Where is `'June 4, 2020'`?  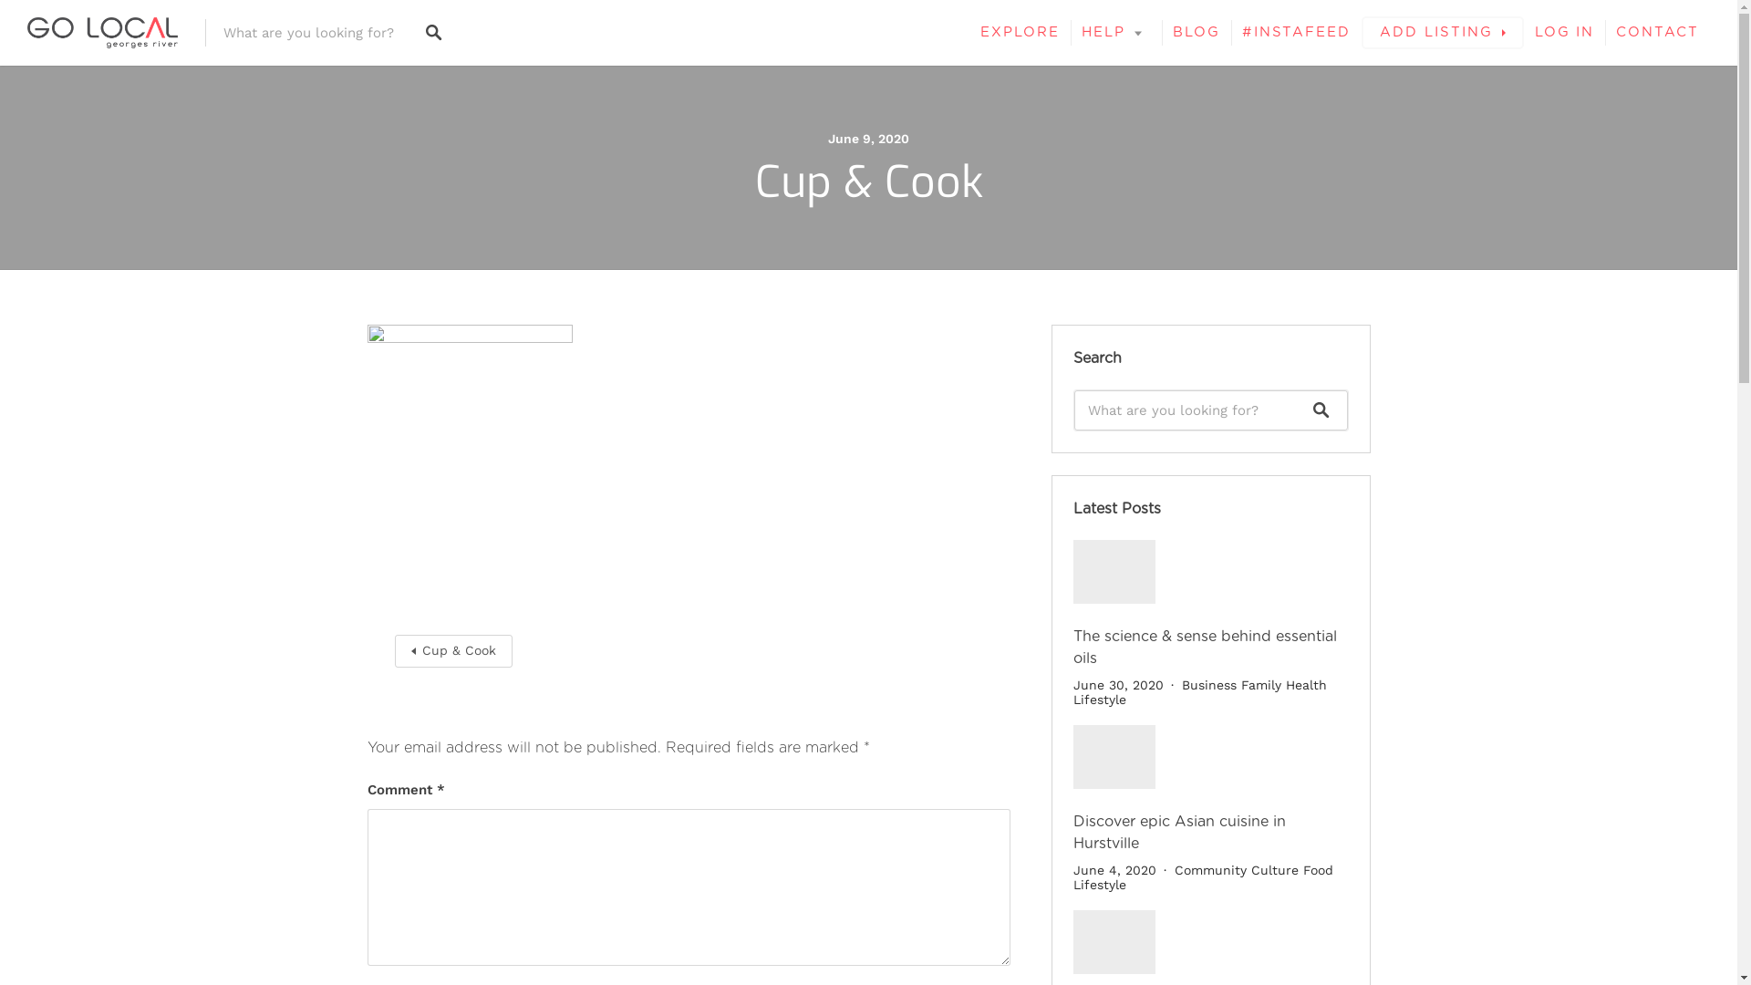
'June 4, 2020' is located at coordinates (1113, 868).